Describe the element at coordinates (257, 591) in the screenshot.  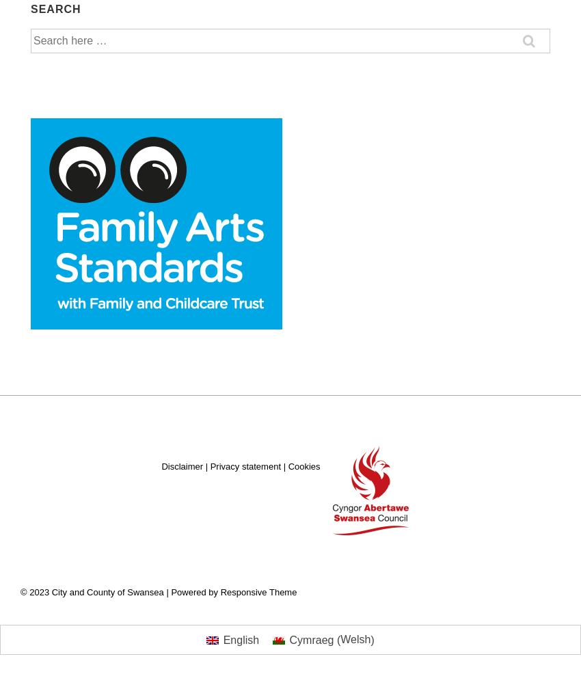
I see `'Responsive Theme'` at that location.